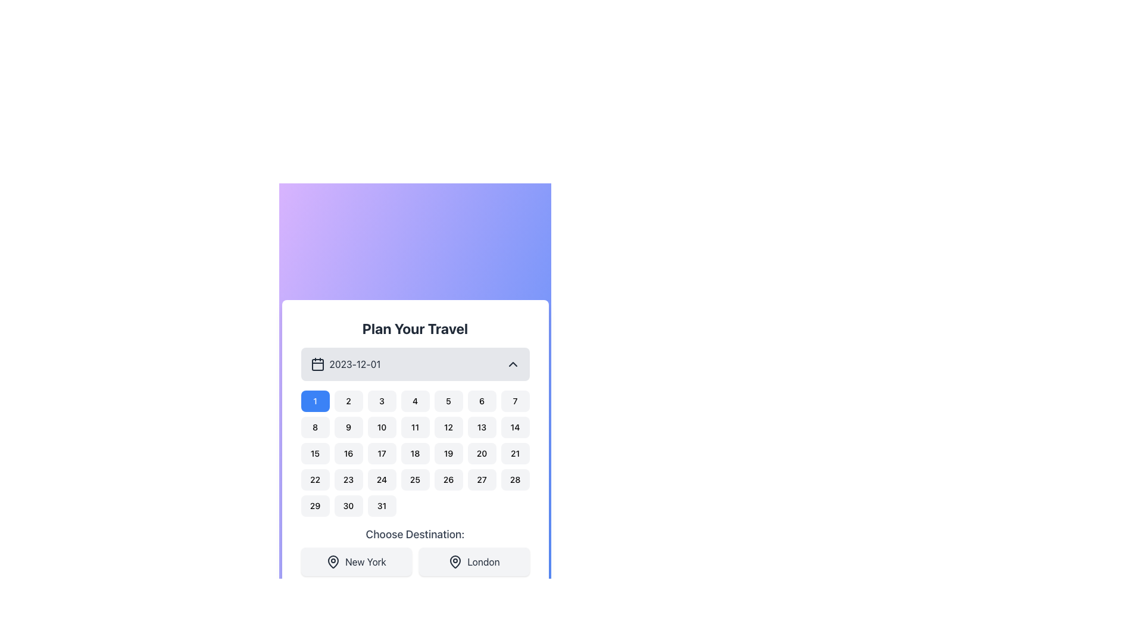 The width and height of the screenshot is (1143, 643). Describe the element at coordinates (448, 401) in the screenshot. I see `the date selection button representing the 5th day in the calendar interface` at that location.